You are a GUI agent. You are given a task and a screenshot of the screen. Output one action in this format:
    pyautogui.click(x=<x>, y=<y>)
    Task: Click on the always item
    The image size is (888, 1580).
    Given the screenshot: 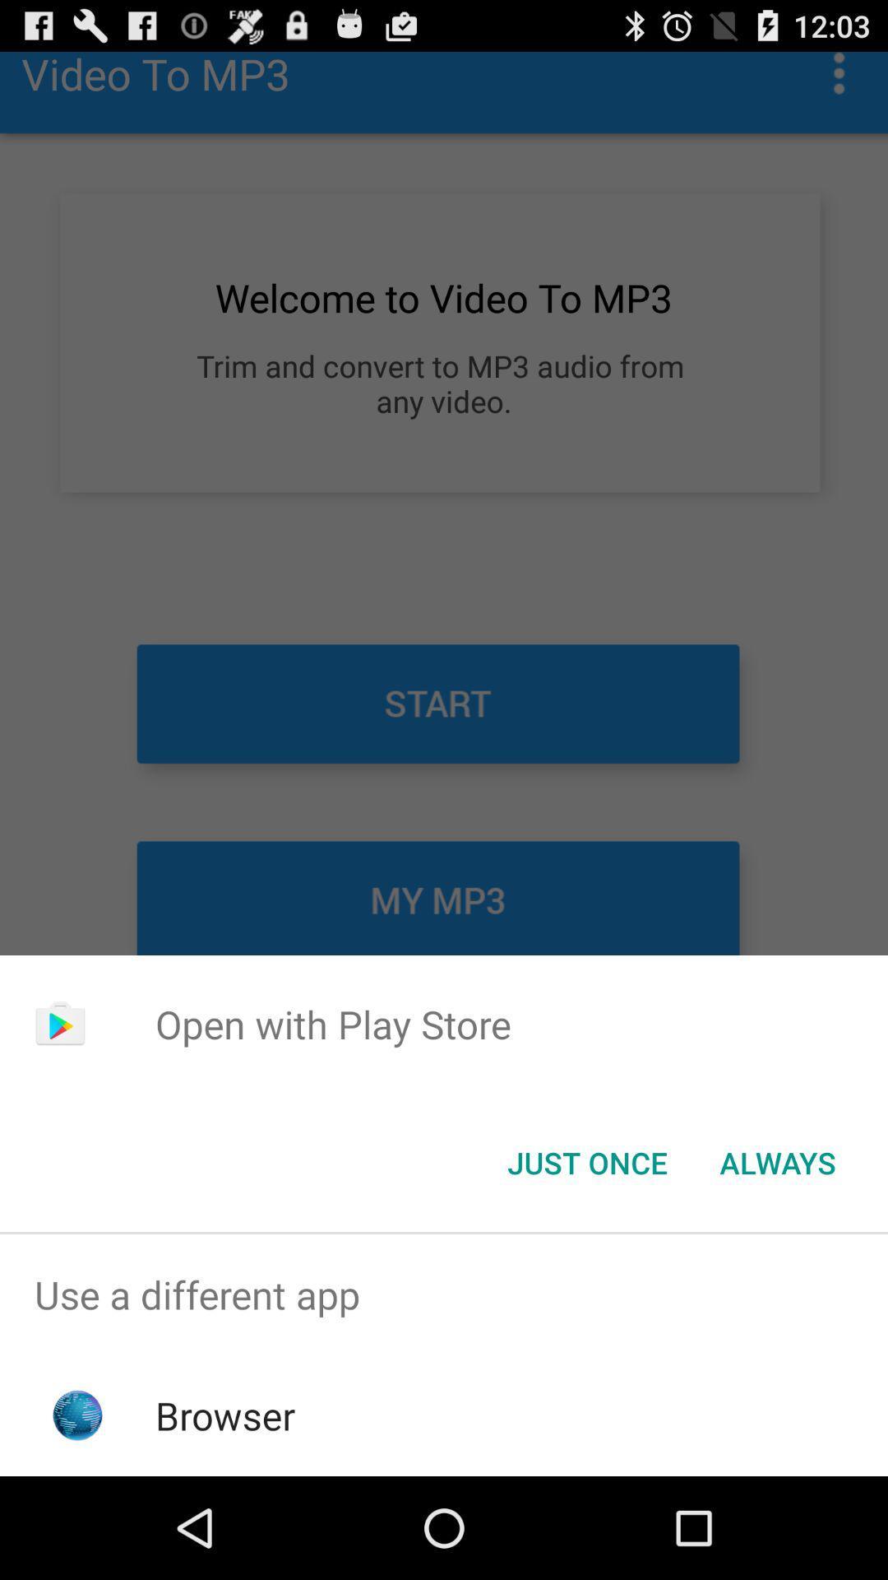 What is the action you would take?
    pyautogui.click(x=777, y=1161)
    